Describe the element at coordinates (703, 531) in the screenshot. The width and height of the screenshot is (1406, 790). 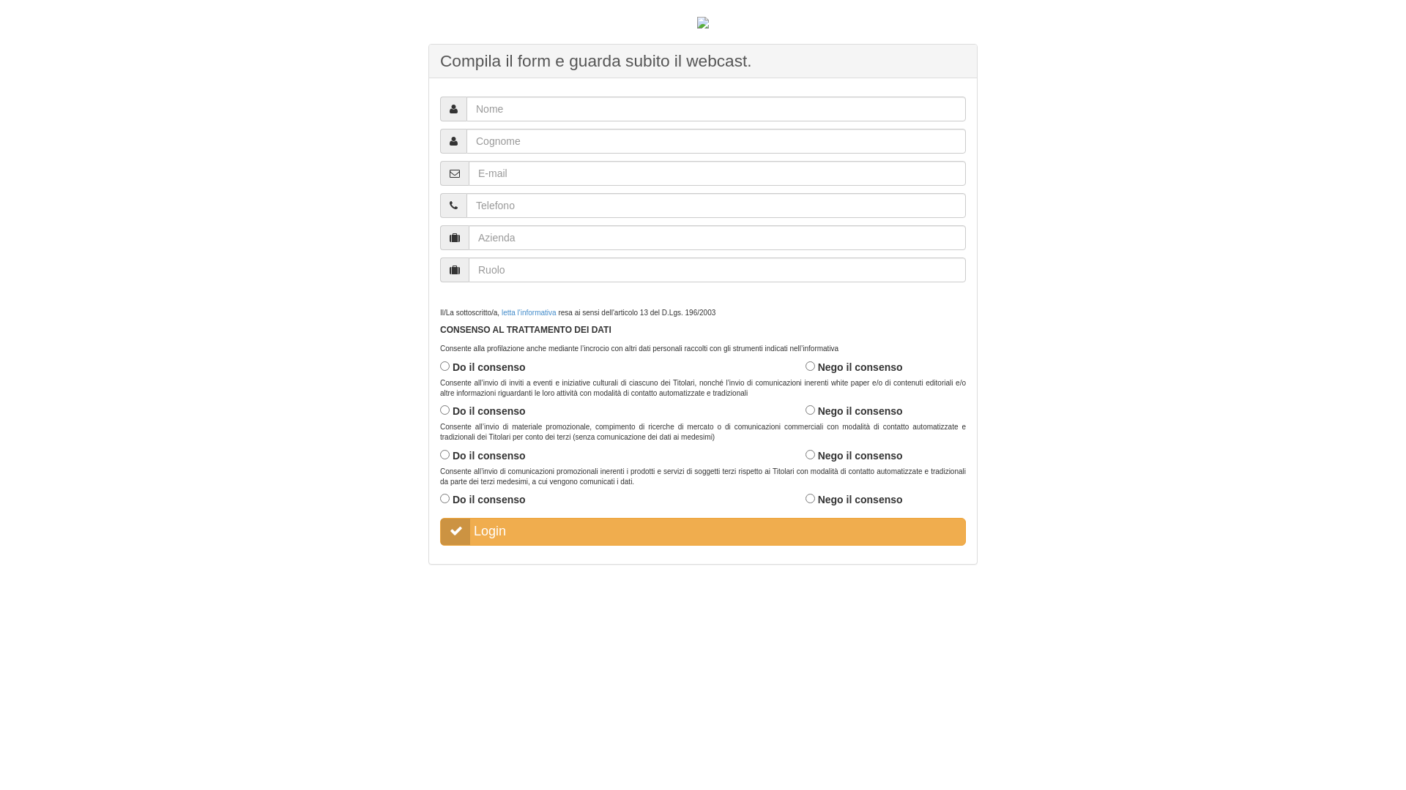
I see `'Login'` at that location.